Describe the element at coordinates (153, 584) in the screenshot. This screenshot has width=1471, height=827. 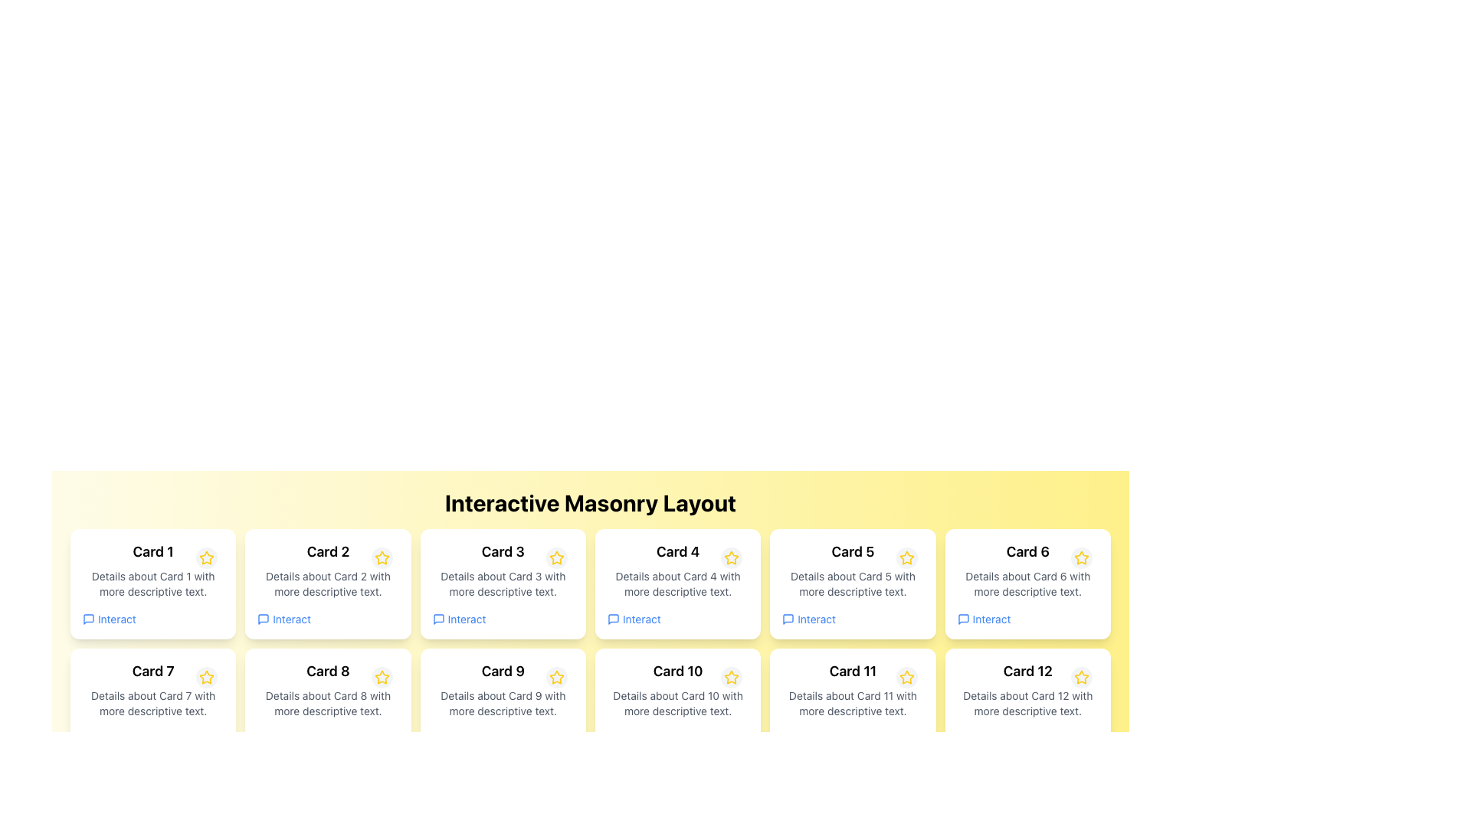
I see `textual information from the first card in a grid layout, which has a white background, rounded corners, and contains the text 'Card 1' and 'Details about Card 1 with more descriptive text.'` at that location.